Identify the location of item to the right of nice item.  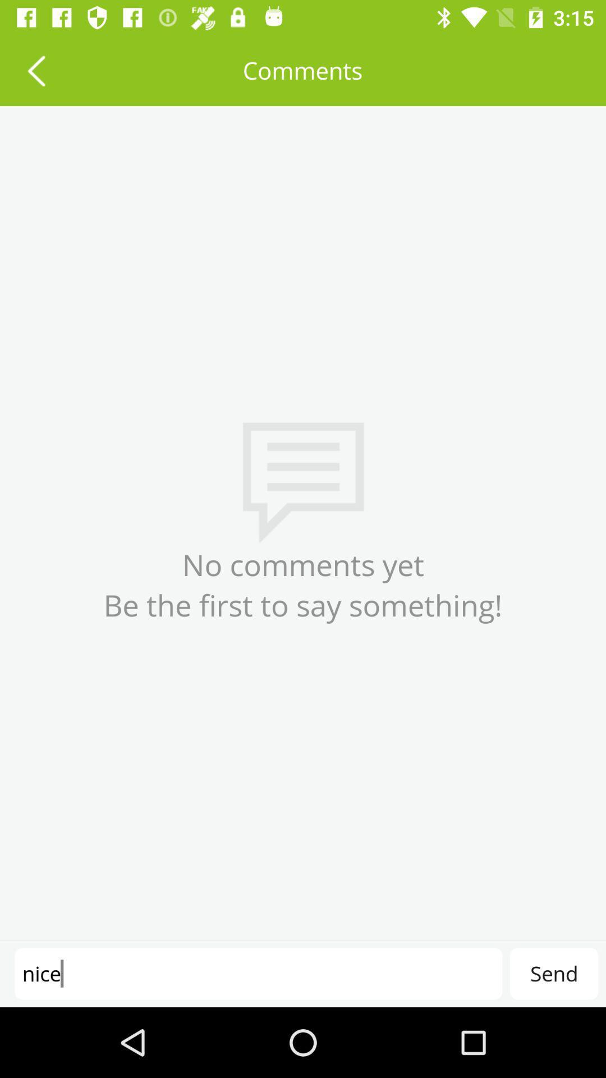
(553, 973).